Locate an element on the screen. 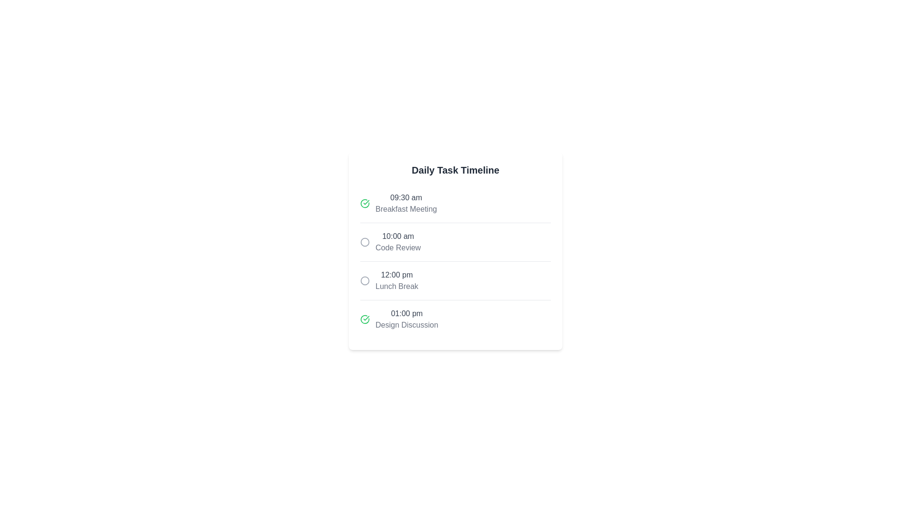  the SVG element that represents the circular outline indicating the status of '10:00 am Code Review' in the timeline interface is located at coordinates (365, 280).